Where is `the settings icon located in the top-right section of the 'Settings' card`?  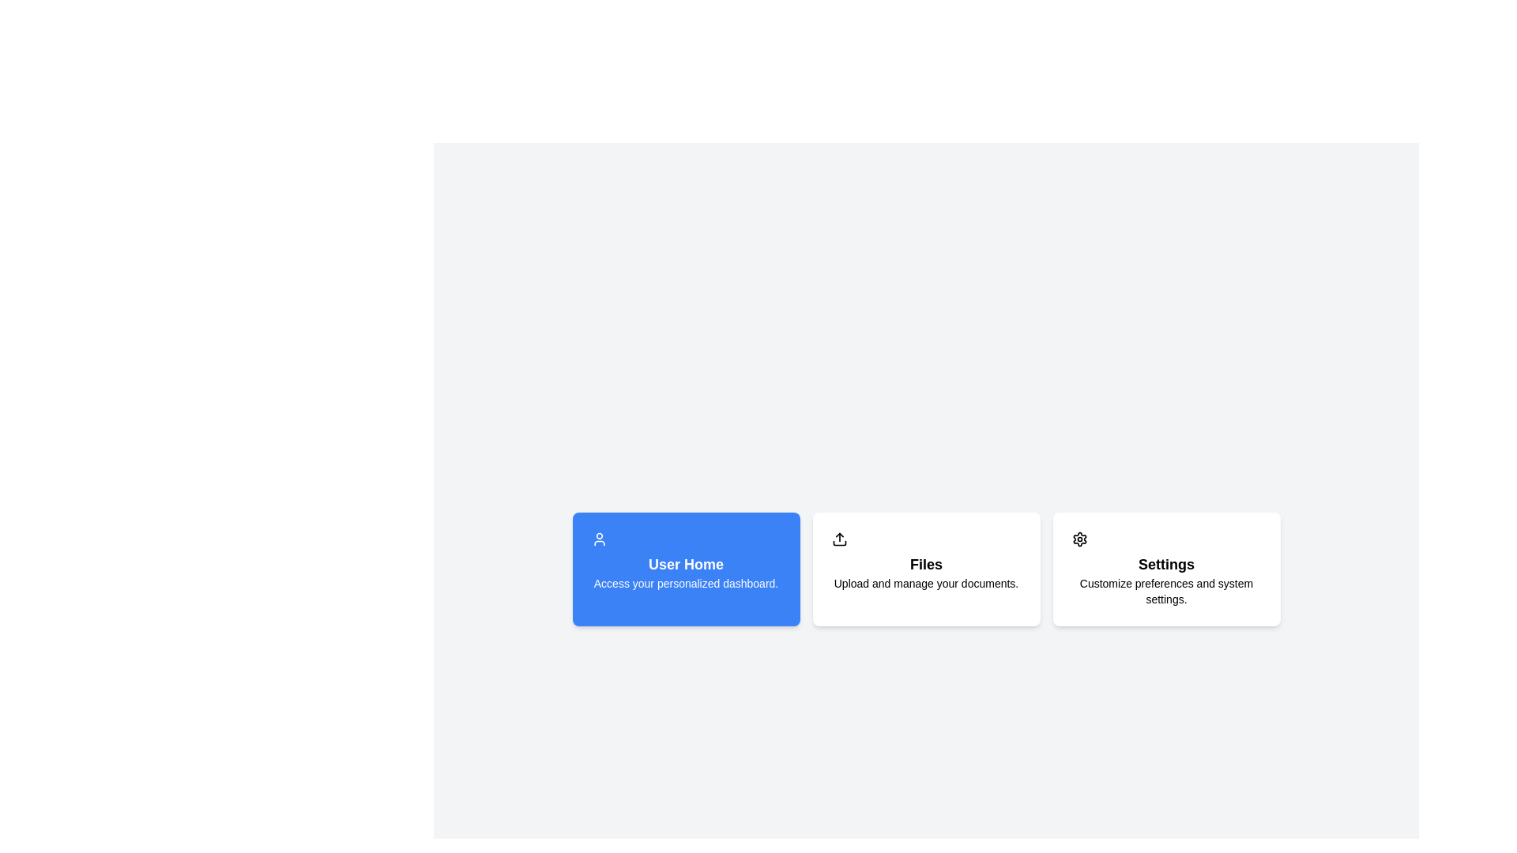 the settings icon located in the top-right section of the 'Settings' card is located at coordinates (1078, 538).